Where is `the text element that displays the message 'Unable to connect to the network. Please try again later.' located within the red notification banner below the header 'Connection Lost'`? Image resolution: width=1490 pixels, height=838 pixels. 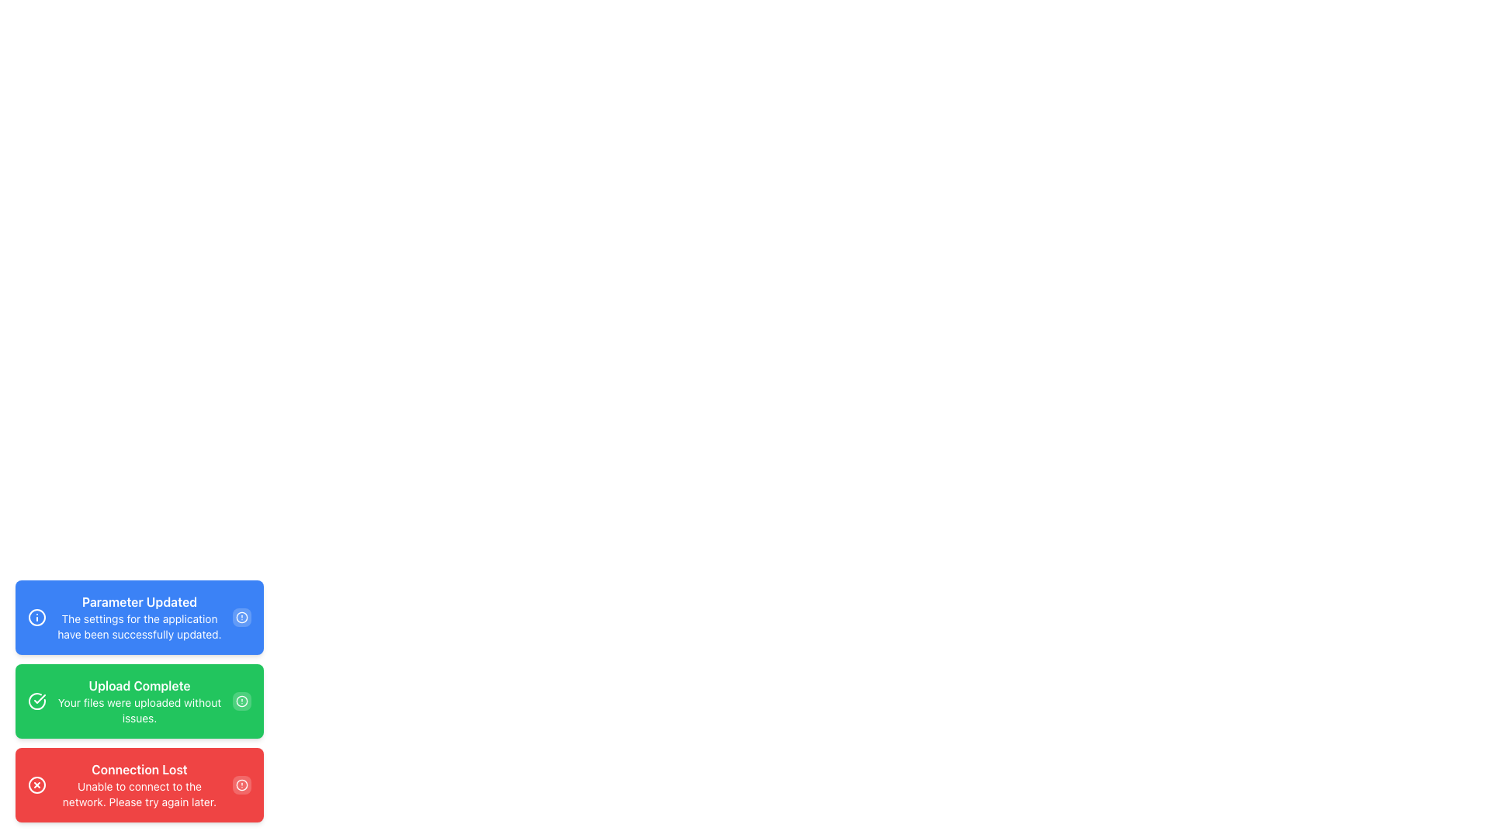 the text element that displays the message 'Unable to connect to the network. Please try again later.' located within the red notification banner below the header 'Connection Lost' is located at coordinates (140, 794).